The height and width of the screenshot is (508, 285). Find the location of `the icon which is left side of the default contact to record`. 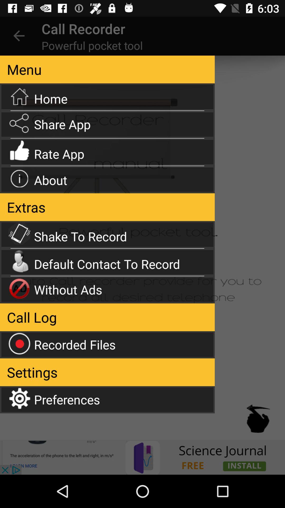

the icon which is left side of the default contact to record is located at coordinates (19, 261).